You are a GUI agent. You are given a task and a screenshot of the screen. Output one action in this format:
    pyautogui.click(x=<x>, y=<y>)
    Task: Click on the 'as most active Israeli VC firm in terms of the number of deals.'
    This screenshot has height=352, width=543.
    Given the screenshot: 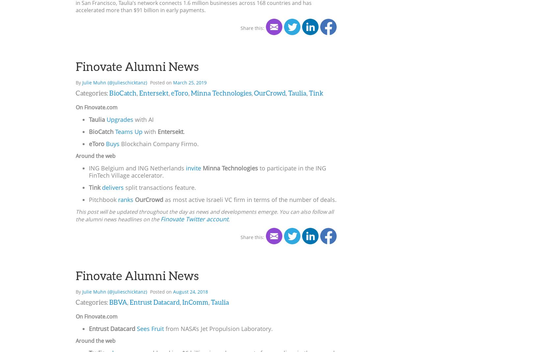 What is the action you would take?
    pyautogui.click(x=249, y=199)
    